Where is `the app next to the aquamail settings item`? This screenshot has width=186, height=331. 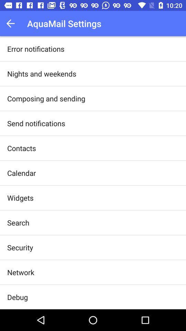 the app next to the aquamail settings item is located at coordinates (12, 23).